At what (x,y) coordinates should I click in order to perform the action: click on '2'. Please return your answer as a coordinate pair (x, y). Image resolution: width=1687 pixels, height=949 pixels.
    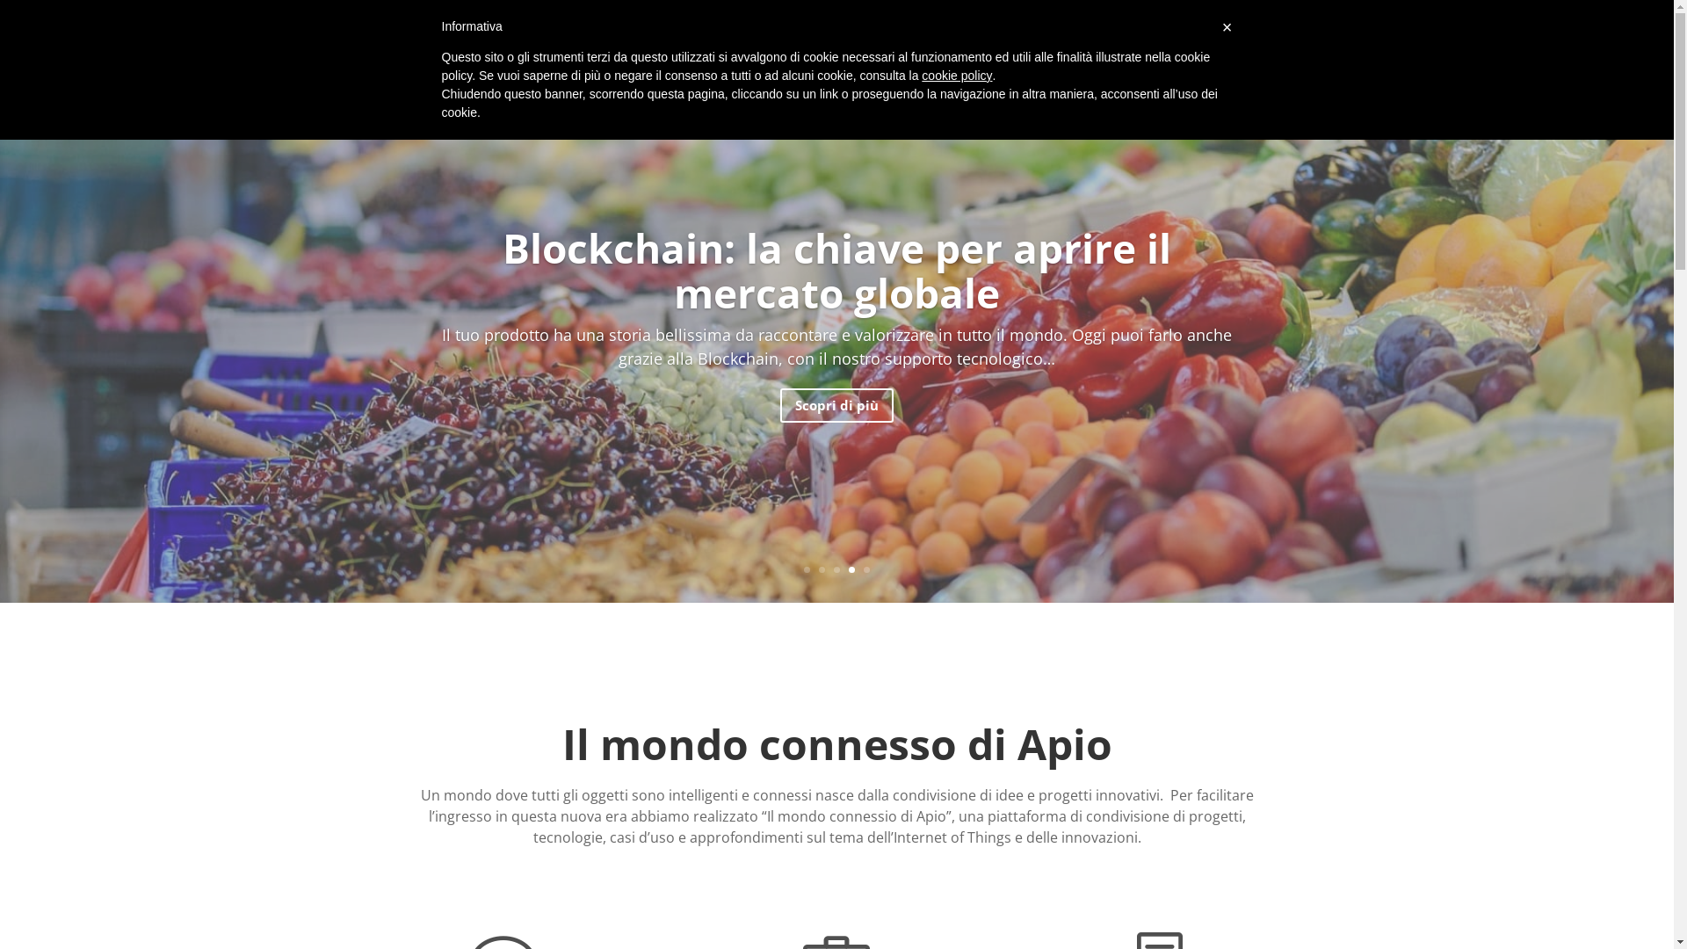
    Looking at the image, I should click on (821, 569).